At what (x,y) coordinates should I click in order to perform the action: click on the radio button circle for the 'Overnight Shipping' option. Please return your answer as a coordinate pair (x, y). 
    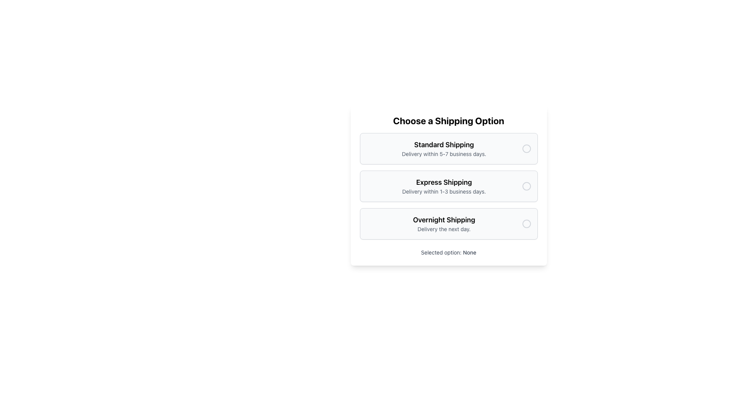
    Looking at the image, I should click on (526, 223).